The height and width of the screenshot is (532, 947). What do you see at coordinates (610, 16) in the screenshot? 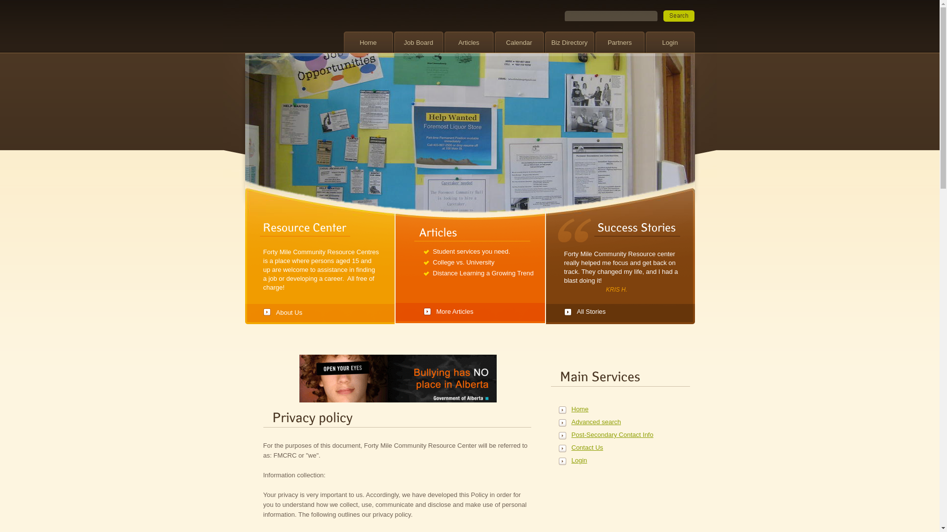
I see `'Enter the terms you wish to search for.'` at bounding box center [610, 16].